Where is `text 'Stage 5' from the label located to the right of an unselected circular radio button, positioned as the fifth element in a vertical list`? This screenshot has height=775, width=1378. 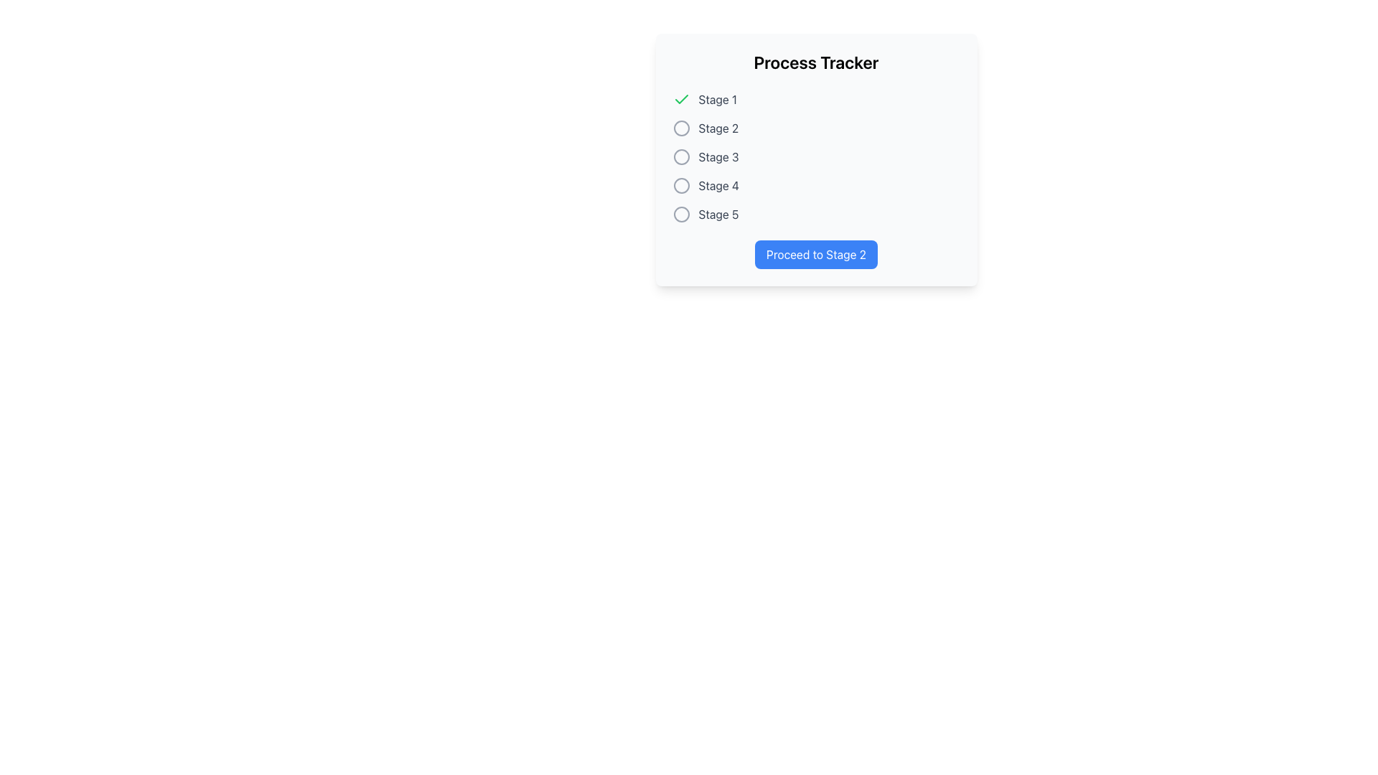
text 'Stage 5' from the label located to the right of an unselected circular radio button, positioned as the fifth element in a vertical list is located at coordinates (706, 215).